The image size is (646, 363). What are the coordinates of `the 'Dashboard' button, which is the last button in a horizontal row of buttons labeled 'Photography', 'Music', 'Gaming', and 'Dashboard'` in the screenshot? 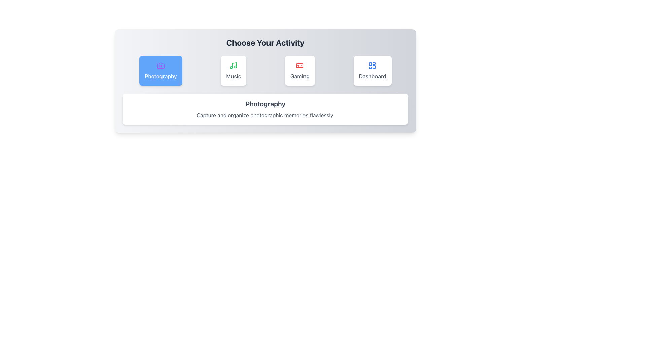 It's located at (372, 71).